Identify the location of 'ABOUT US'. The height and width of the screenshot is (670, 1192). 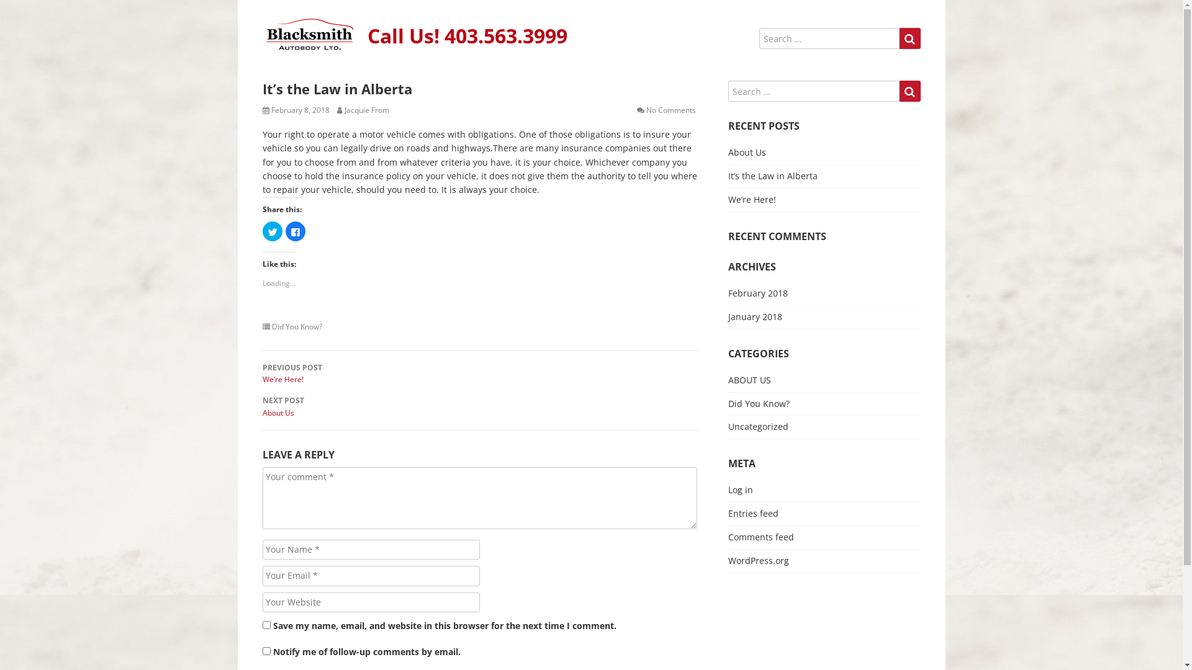
(748, 379).